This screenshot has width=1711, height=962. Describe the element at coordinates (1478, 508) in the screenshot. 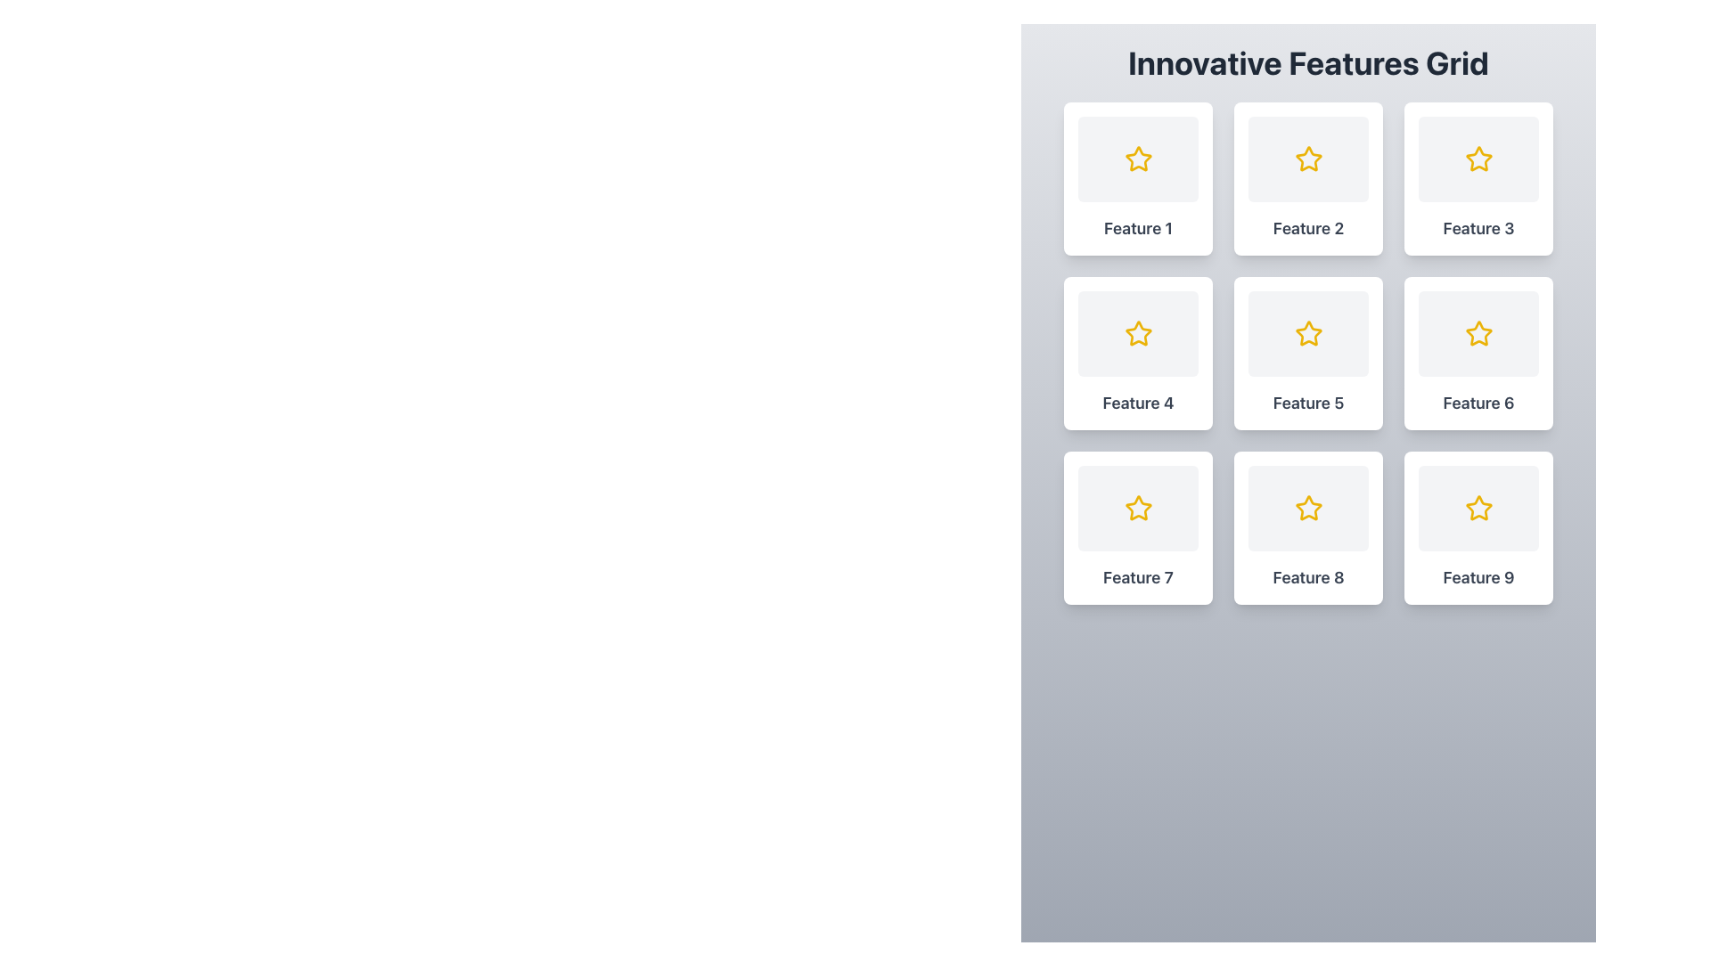

I see `the star icon with a hollow center and yellow outline located at the bottom right corner of the grid to mark it` at that location.